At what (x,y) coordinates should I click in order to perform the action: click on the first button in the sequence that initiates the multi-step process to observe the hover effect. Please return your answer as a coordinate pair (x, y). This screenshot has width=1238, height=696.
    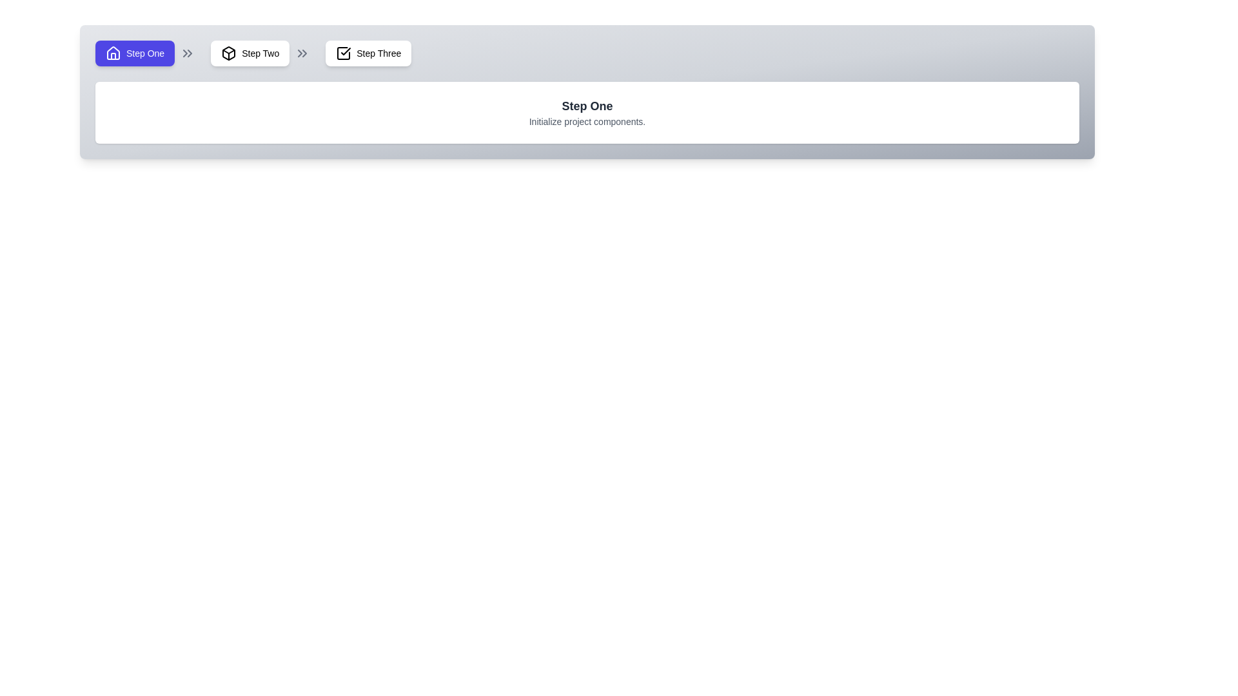
    Looking at the image, I should click on (135, 53).